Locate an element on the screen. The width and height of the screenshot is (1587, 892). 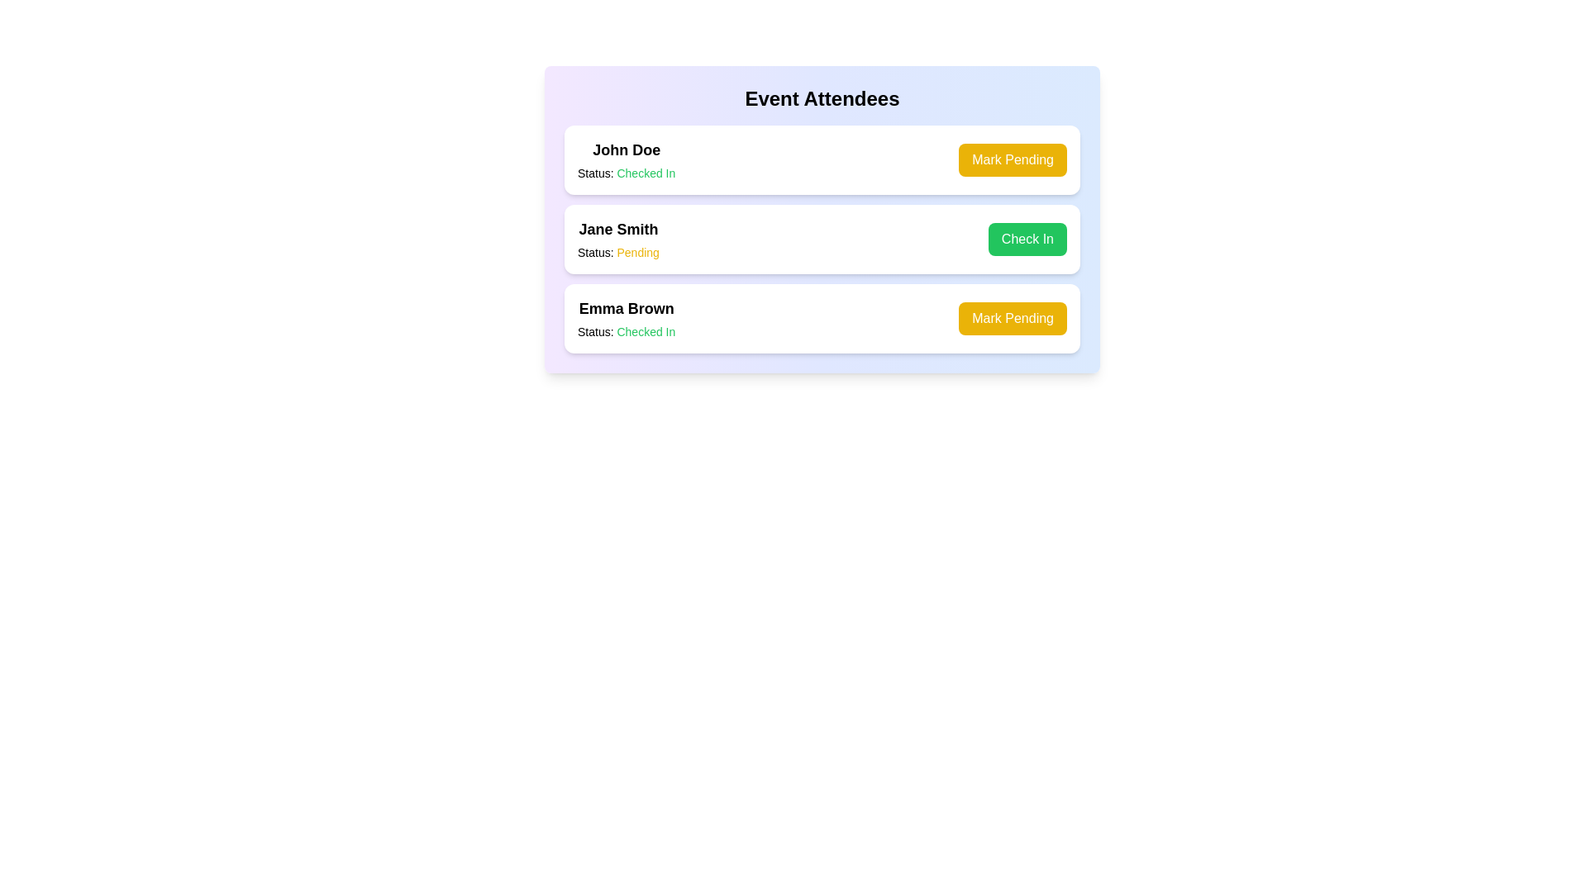
the button labeled 'Check In' to view its hover effect is located at coordinates (1027, 239).